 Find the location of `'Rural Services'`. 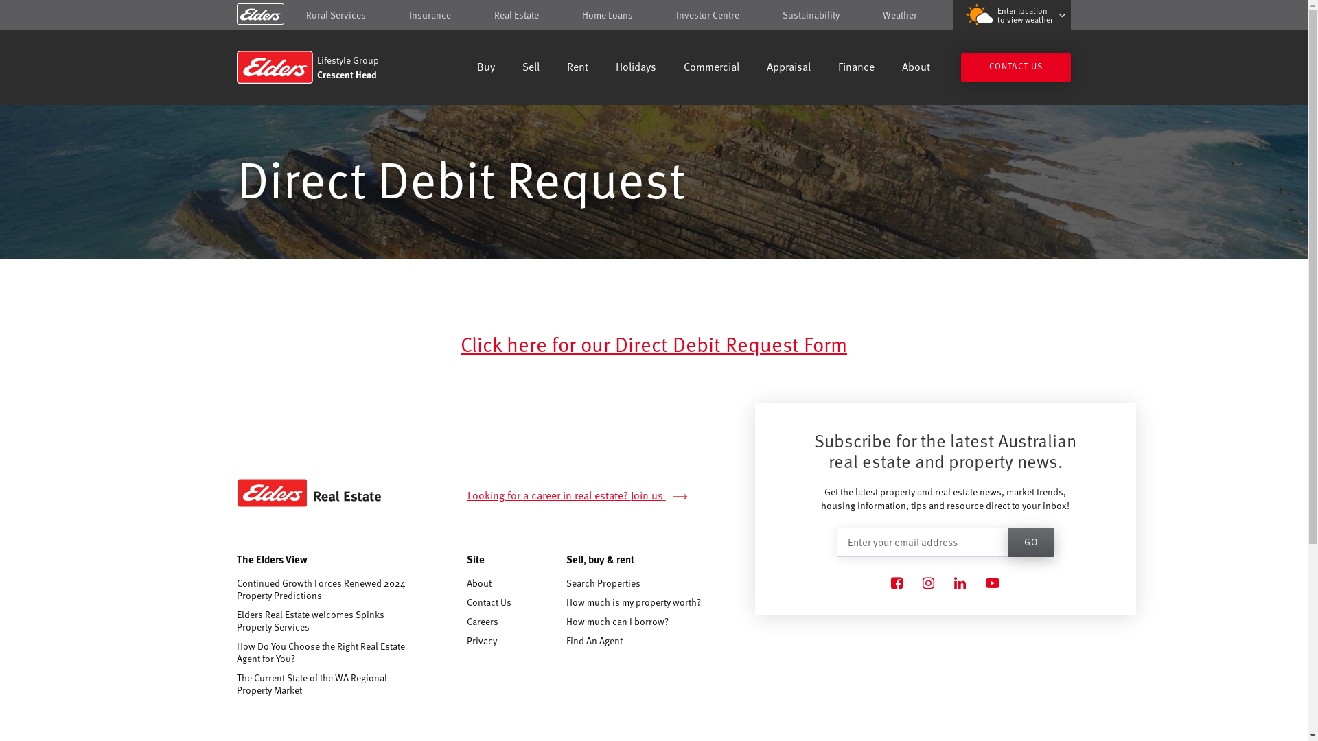

'Rural Services' is located at coordinates (336, 14).